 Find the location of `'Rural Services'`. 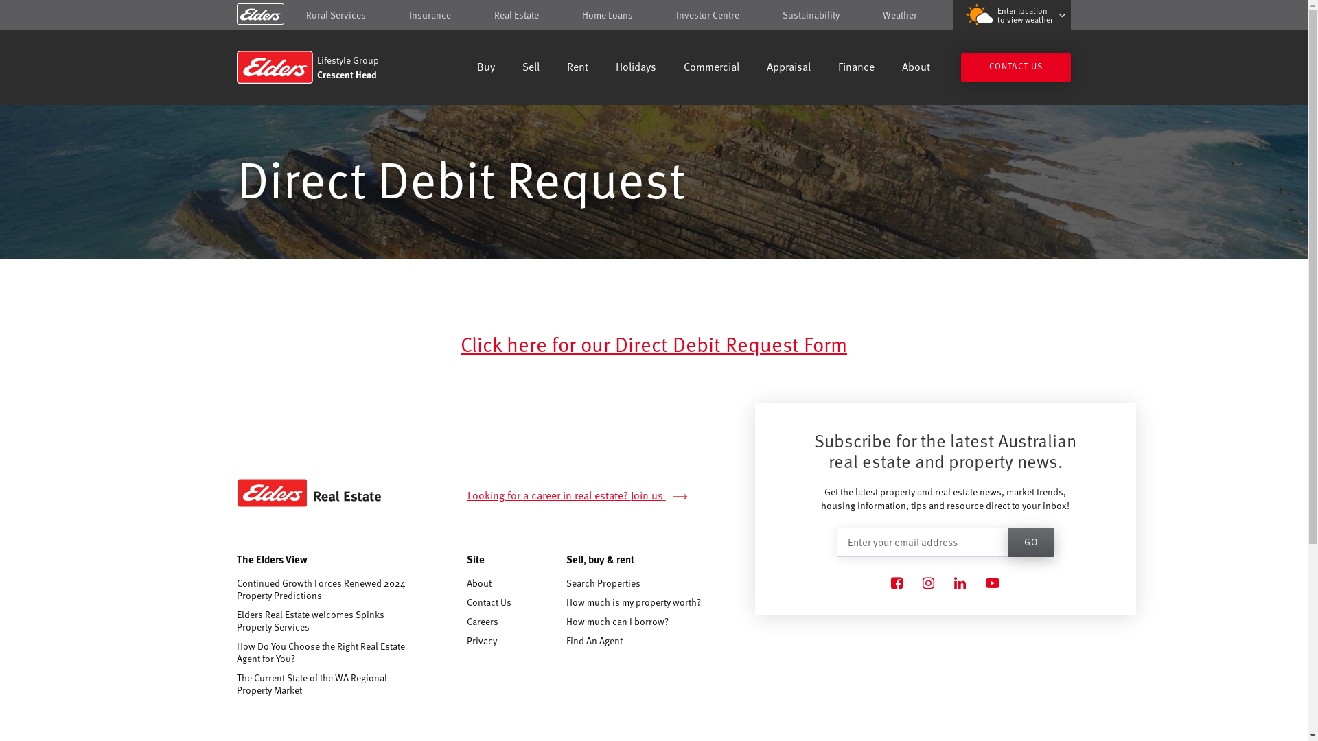

'Rural Services' is located at coordinates (336, 14).